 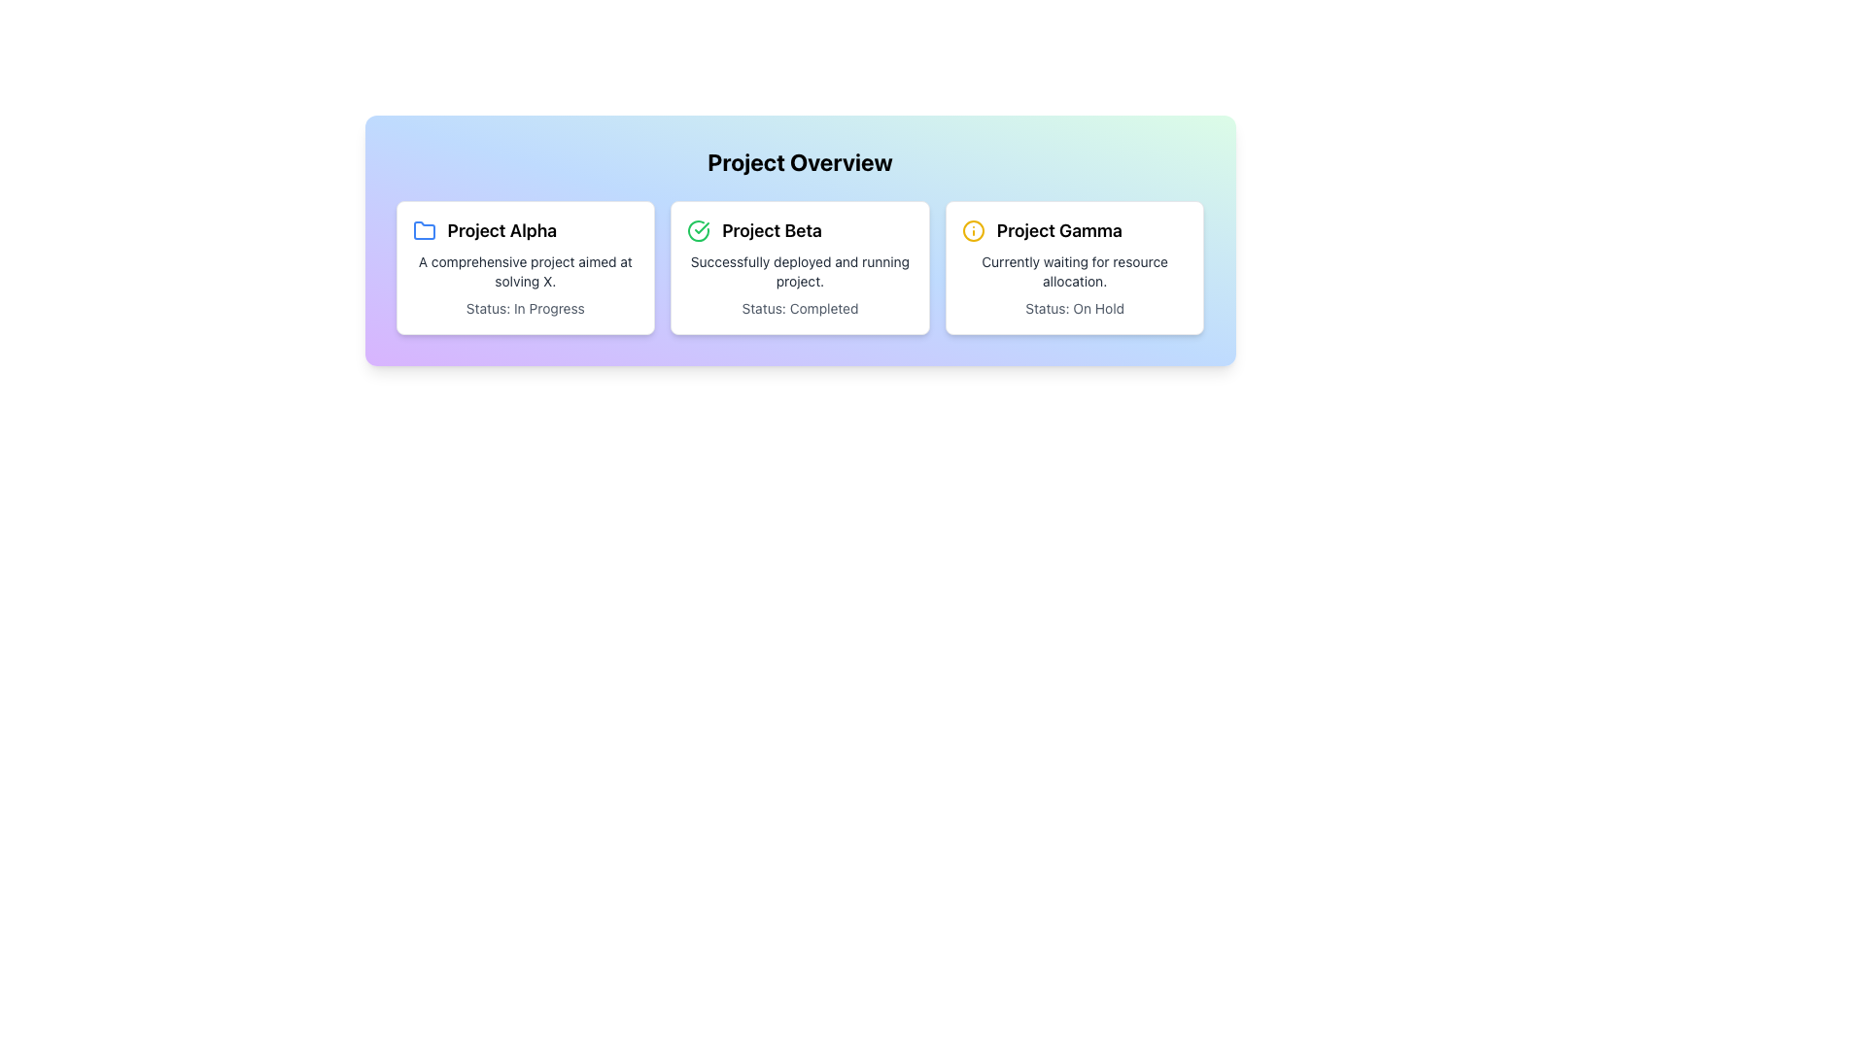 I want to click on the text label that serves as the title of the card named 'Project Gamma', located at the top-left corner of the rightmost card in a row of similar cards, so click(x=1074, y=230).